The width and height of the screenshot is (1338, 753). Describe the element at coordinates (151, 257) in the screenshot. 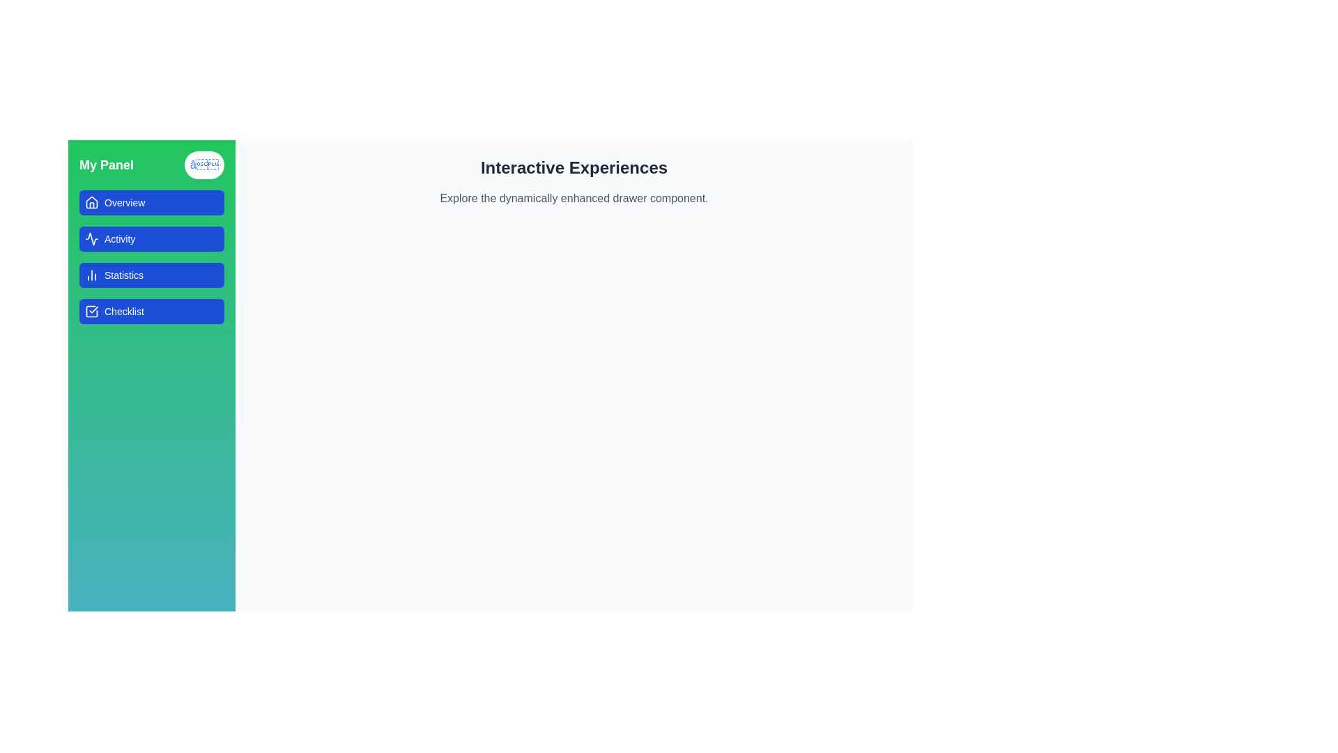

I see `the 'Statistics' button in the vertical navigation panel` at that location.